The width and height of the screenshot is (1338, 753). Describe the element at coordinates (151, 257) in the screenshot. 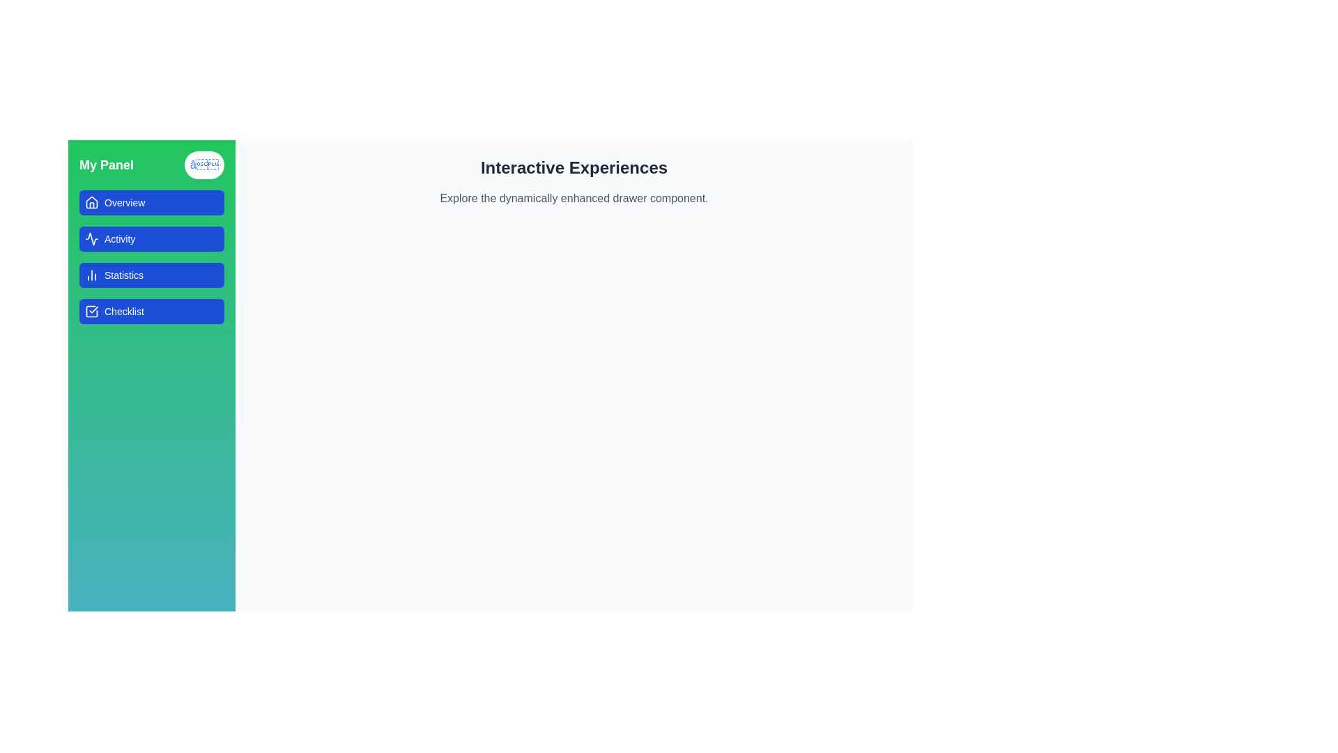

I see `the 'Statistics' button in the vertical navigation panel` at that location.